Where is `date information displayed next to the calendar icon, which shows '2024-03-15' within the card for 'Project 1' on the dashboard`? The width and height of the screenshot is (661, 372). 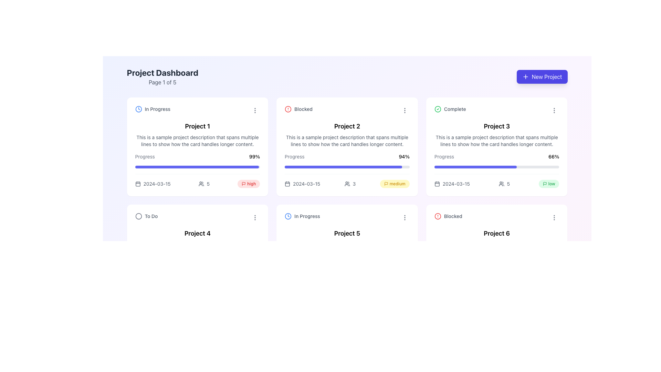
date information displayed next to the calendar icon, which shows '2024-03-15' within the card for 'Project 1' on the dashboard is located at coordinates (152, 183).